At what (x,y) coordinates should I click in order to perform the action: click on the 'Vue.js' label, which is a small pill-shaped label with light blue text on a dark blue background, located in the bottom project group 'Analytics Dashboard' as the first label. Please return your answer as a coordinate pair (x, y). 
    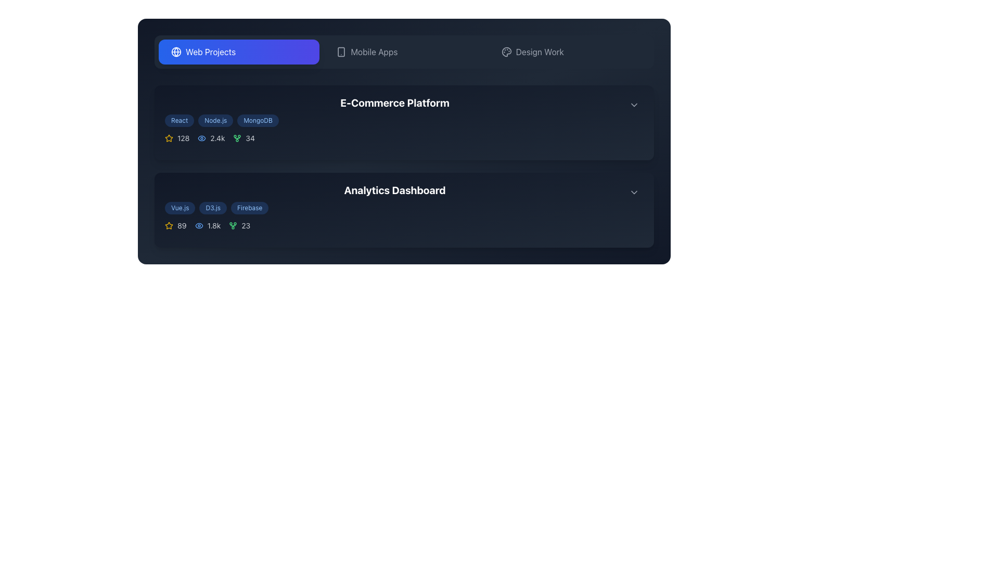
    Looking at the image, I should click on (180, 208).